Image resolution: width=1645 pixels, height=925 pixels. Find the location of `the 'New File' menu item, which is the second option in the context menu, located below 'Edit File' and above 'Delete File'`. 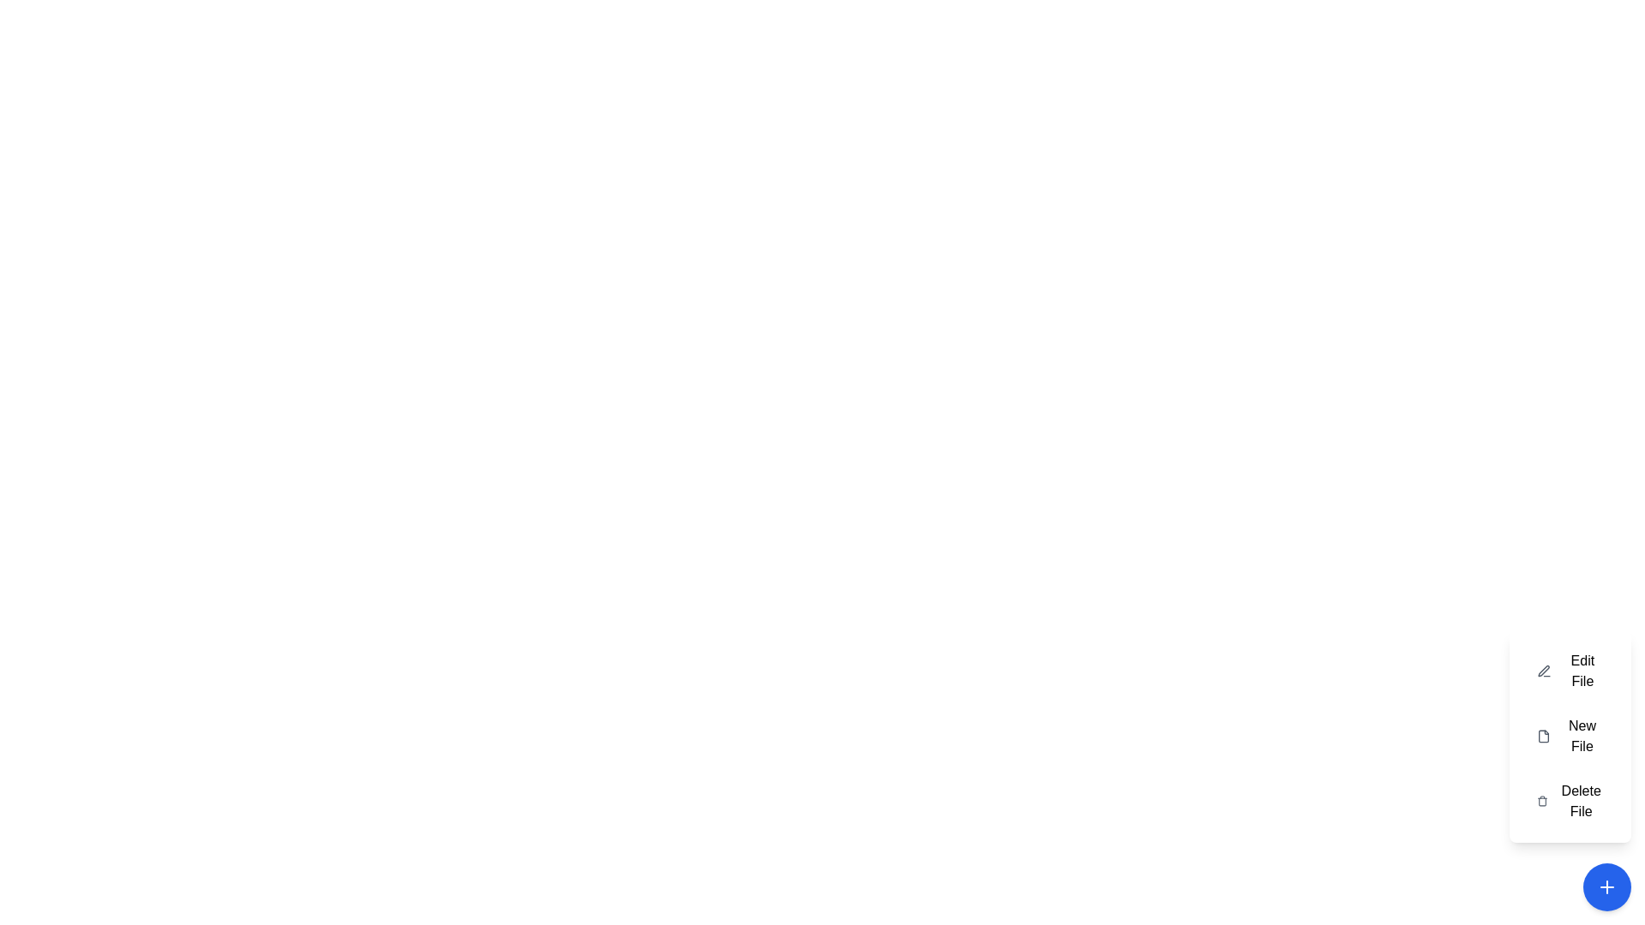

the 'New File' menu item, which is the second option in the context menu, located below 'Edit File' and above 'Delete File' is located at coordinates (1581, 736).